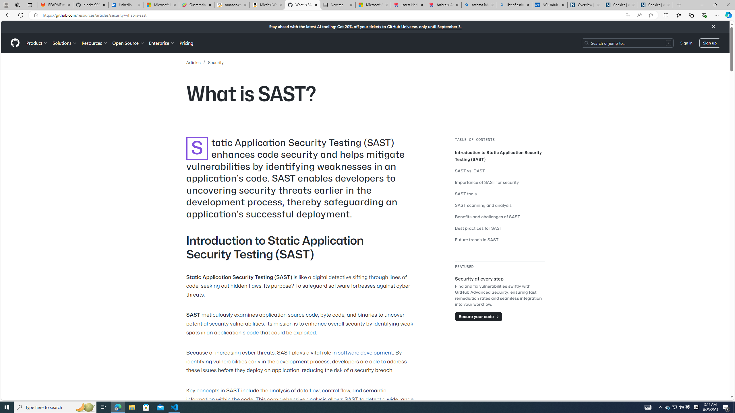 This screenshot has height=413, width=735. What do you see at coordinates (193, 63) in the screenshot?
I see `'Articles'` at bounding box center [193, 63].